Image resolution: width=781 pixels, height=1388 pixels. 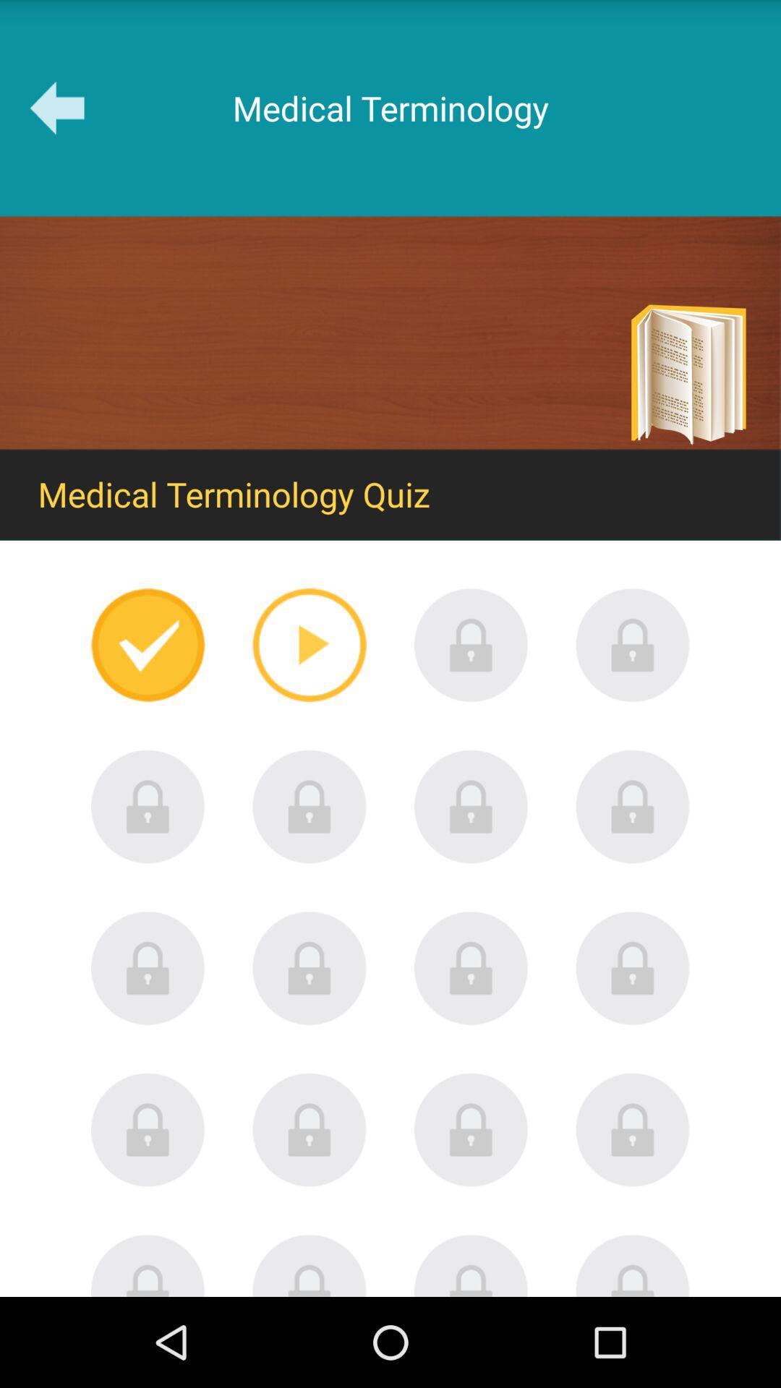 I want to click on locked key, so click(x=471, y=1129).